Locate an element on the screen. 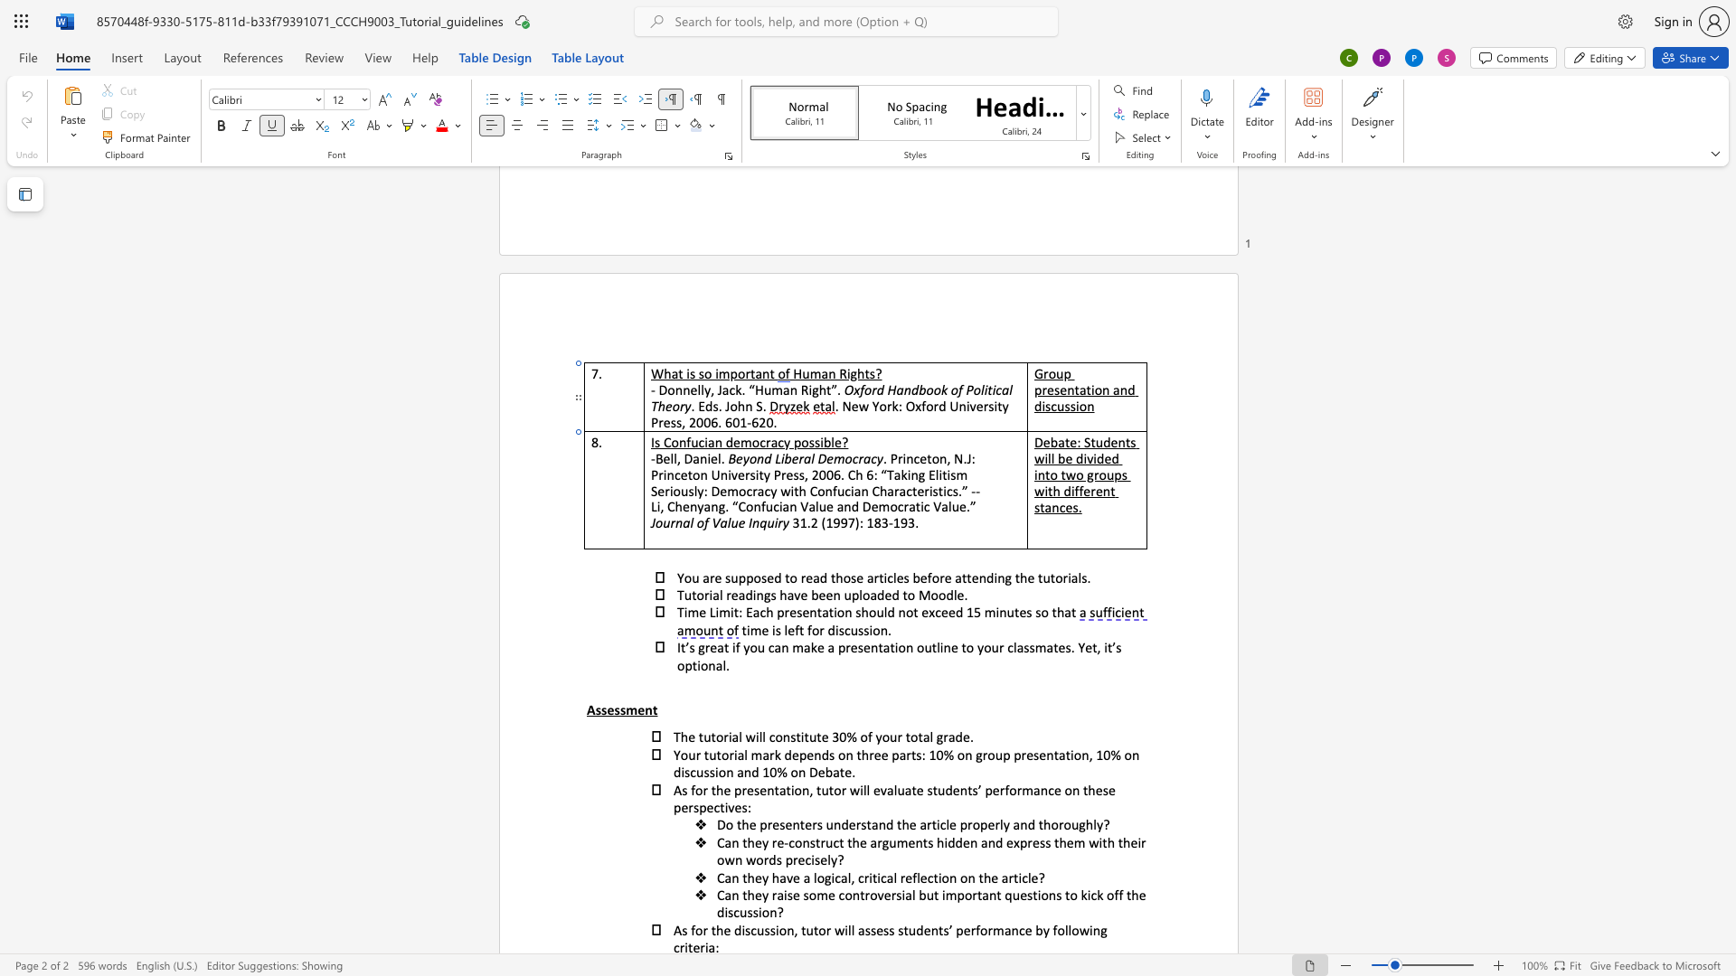  the space between the continuous character "s" and "s" in the text is located at coordinates (863, 629).